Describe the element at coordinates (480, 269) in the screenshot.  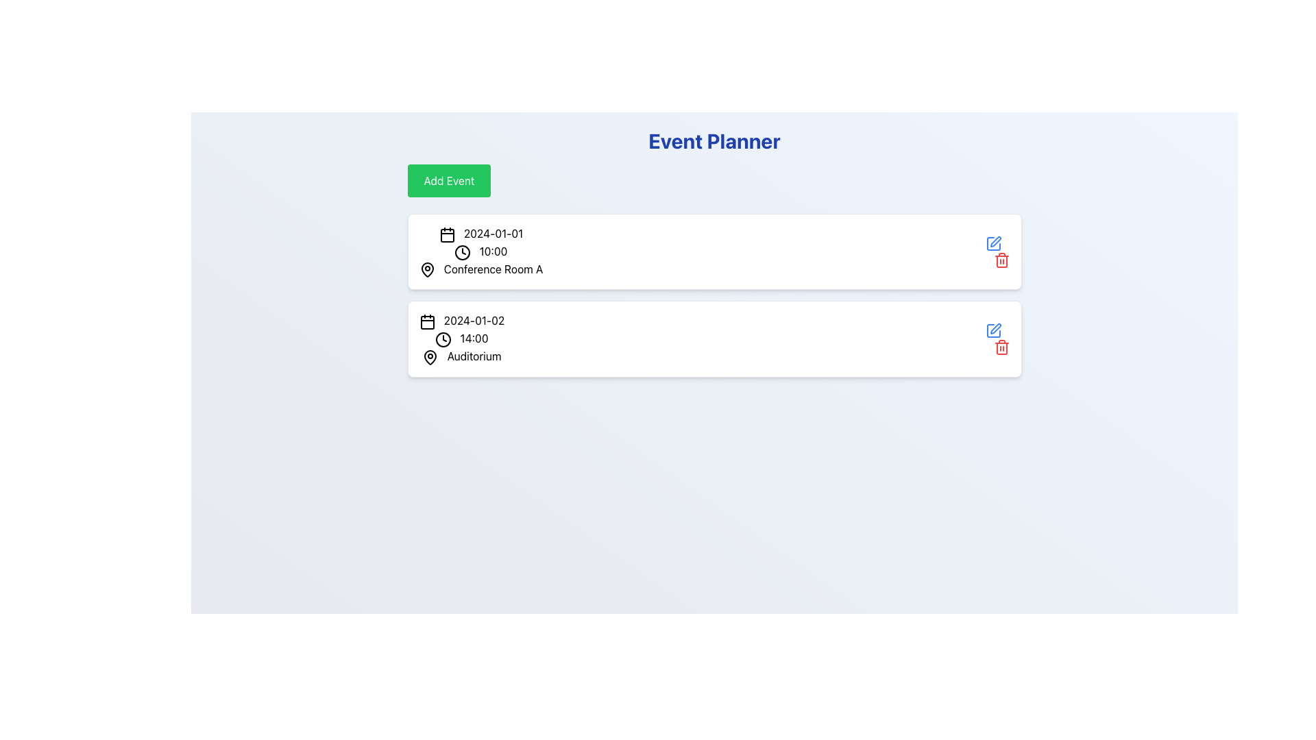
I see `the text label displaying 'Conference Room A' for reading` at that location.